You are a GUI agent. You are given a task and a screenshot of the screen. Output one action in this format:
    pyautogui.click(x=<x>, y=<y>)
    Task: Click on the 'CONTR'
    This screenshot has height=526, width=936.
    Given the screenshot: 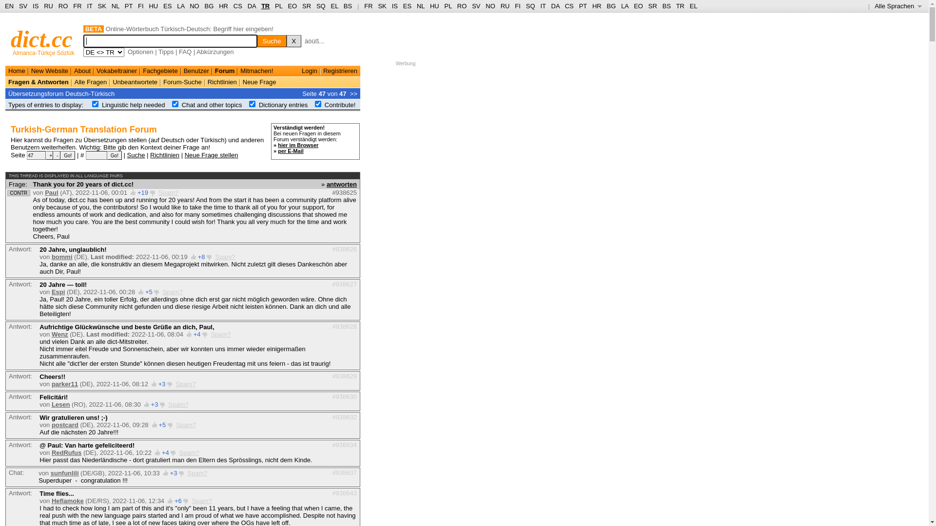 What is the action you would take?
    pyautogui.click(x=19, y=193)
    